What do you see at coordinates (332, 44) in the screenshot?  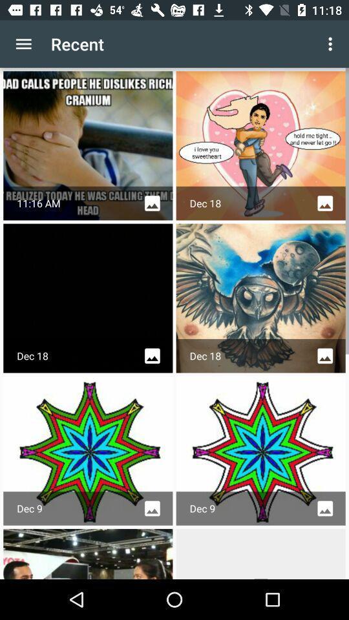 I see `the app to the right of the recent icon` at bounding box center [332, 44].